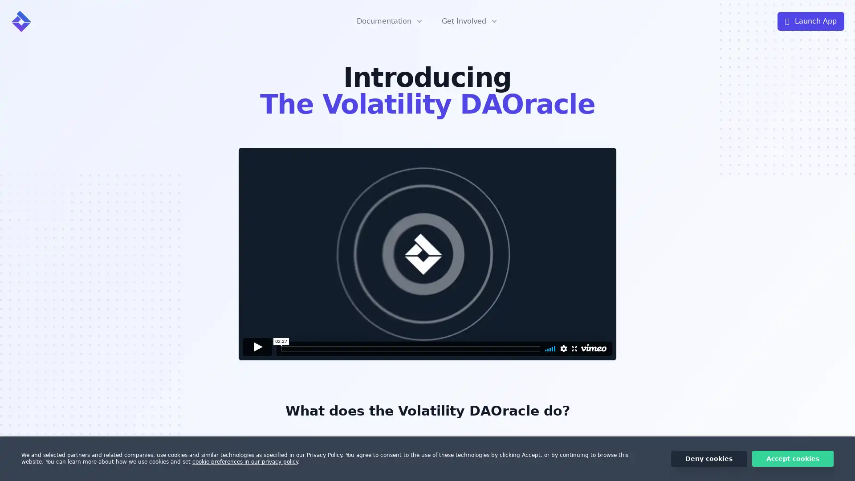  What do you see at coordinates (793, 458) in the screenshot?
I see `Accept cookies` at bounding box center [793, 458].